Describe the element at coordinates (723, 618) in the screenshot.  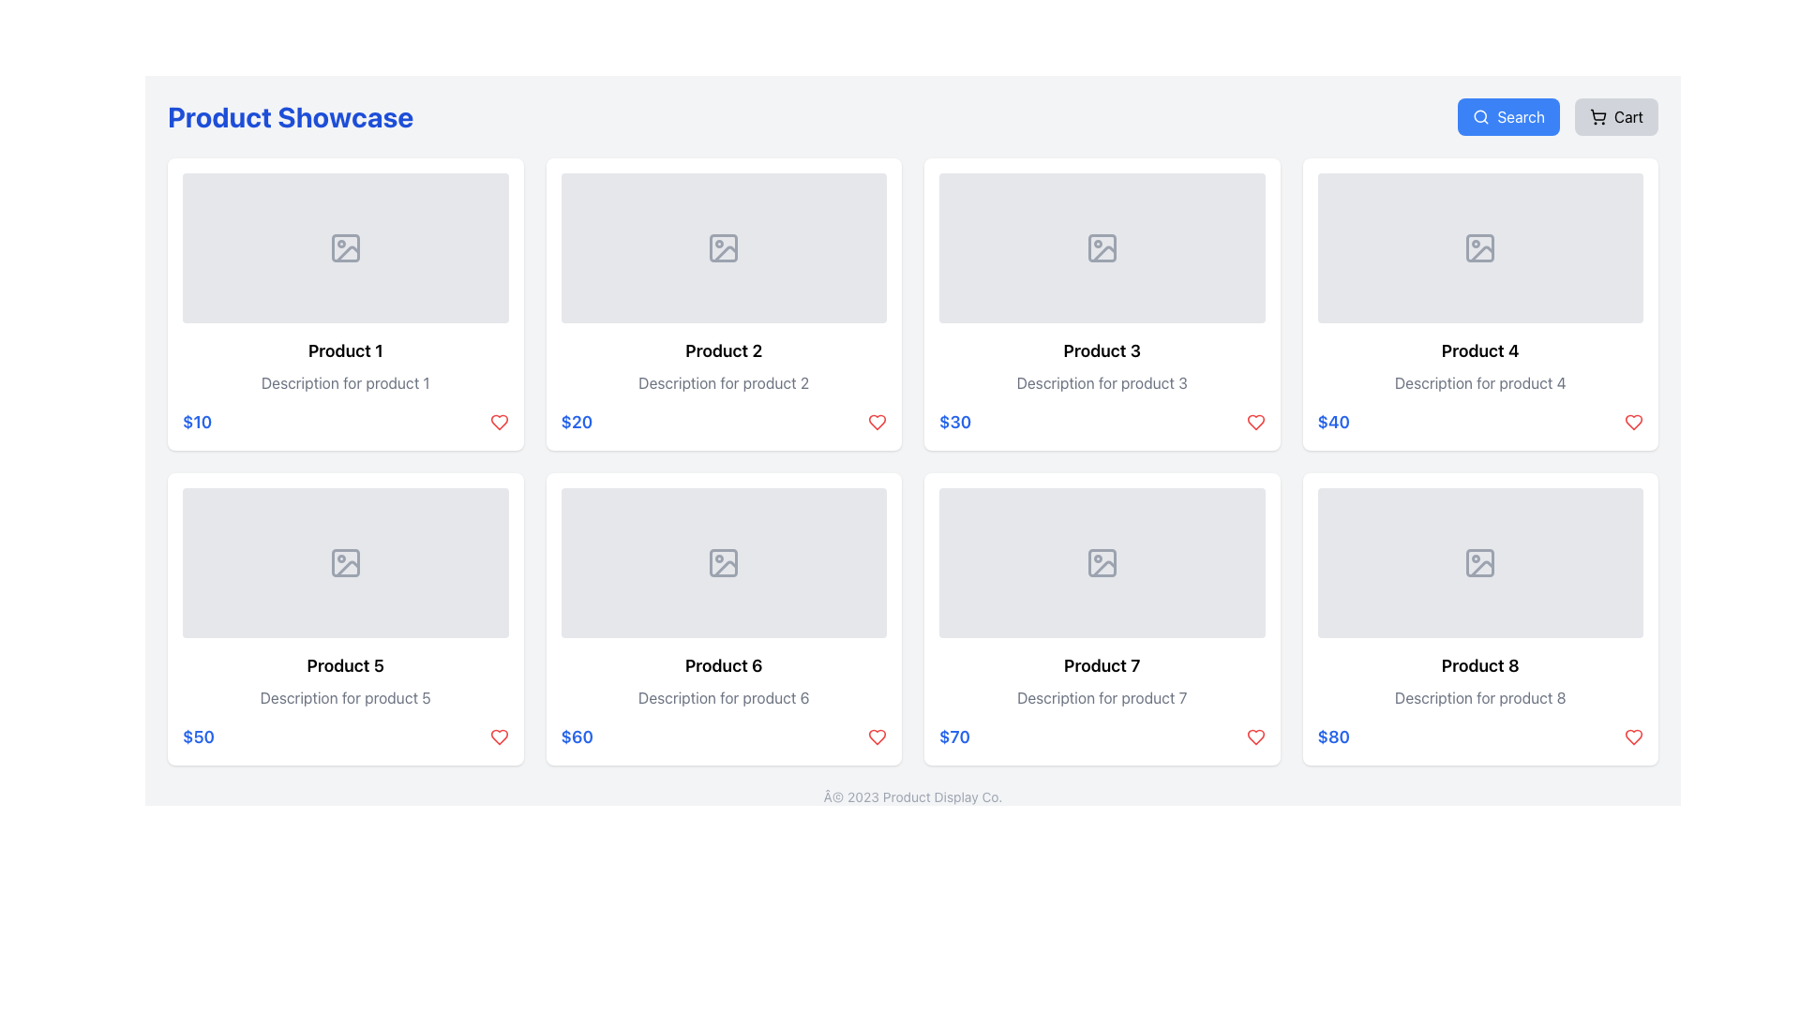
I see `the Card UI component displaying 'Product 6' with a price of '$60' and a favorite icon in red` at that location.